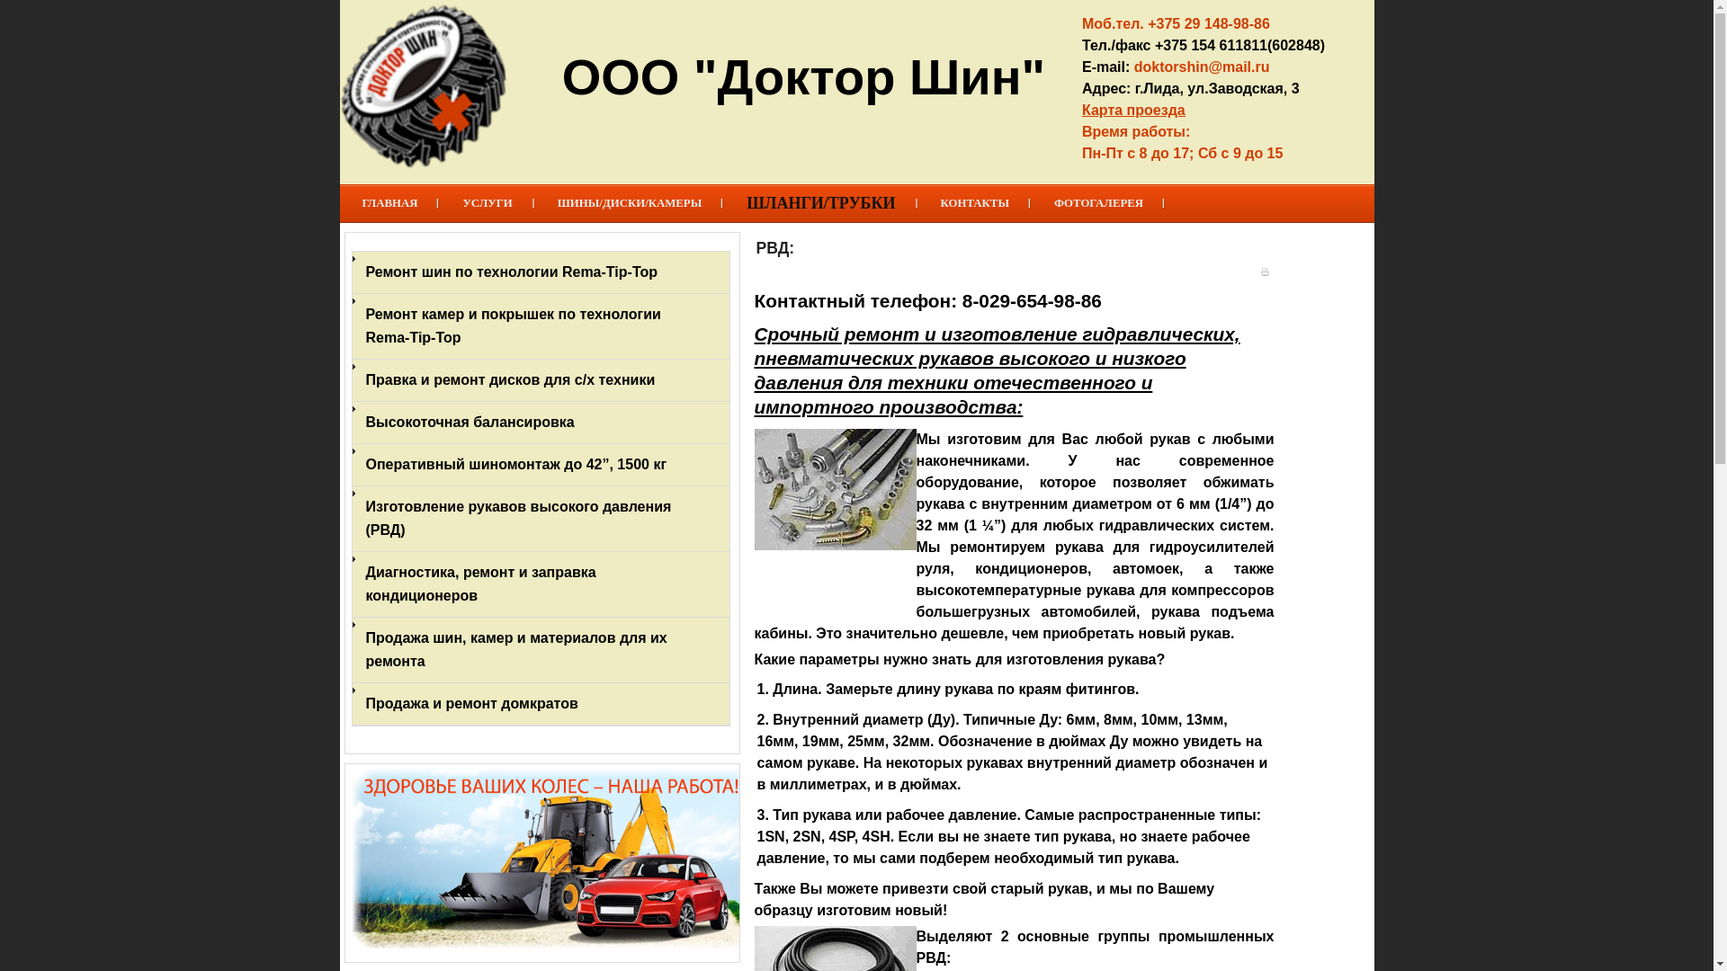  I want to click on 'doktorshin@mail.ru', so click(1133, 66).